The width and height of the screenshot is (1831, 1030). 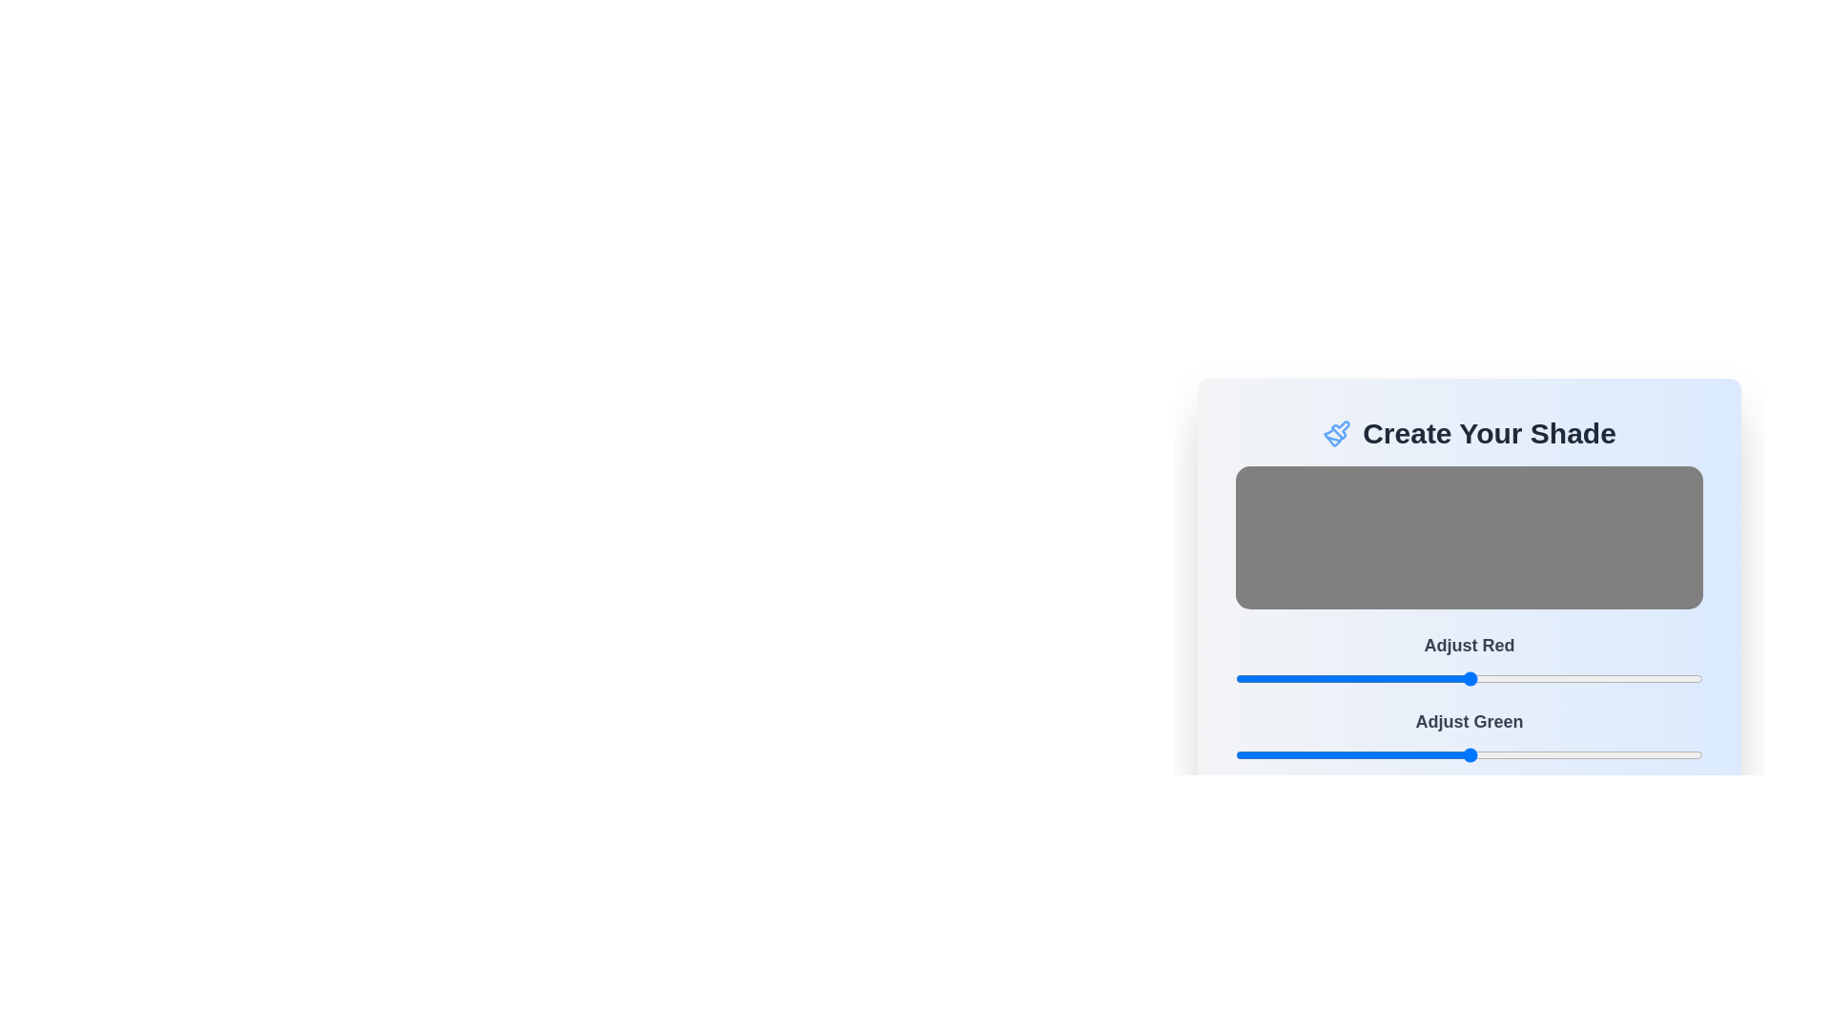 What do you see at coordinates (1551, 678) in the screenshot?
I see `the red color slider to 172` at bounding box center [1551, 678].